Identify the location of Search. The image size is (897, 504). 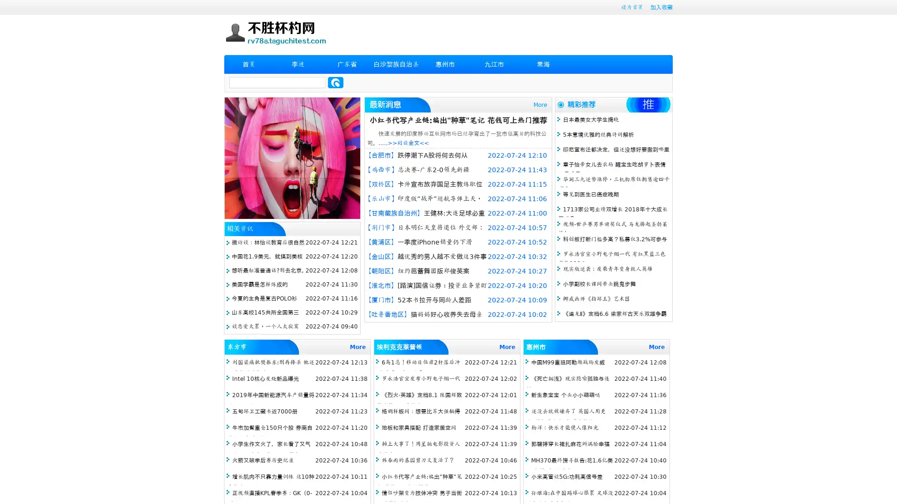
(335, 82).